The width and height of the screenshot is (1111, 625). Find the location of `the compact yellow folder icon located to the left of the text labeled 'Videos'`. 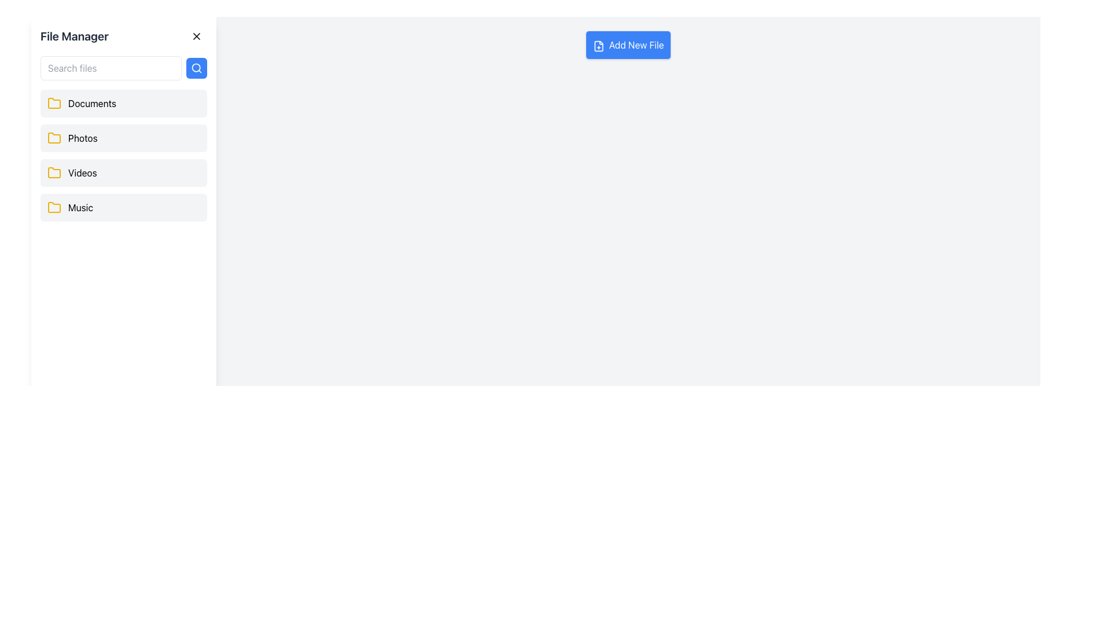

the compact yellow folder icon located to the left of the text labeled 'Videos' is located at coordinates (54, 173).